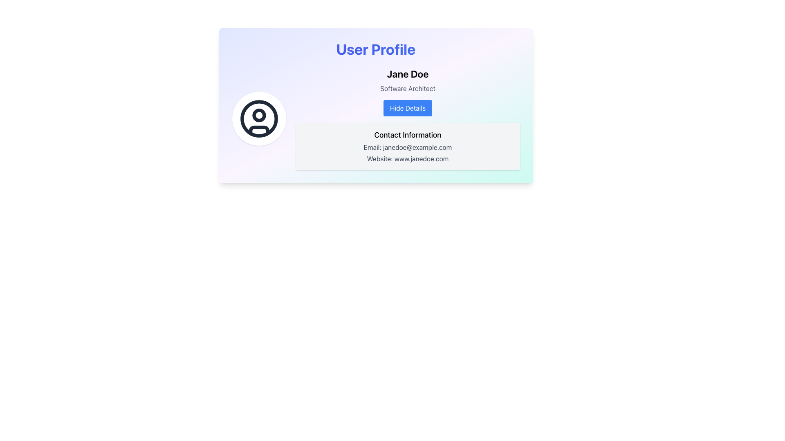  What do you see at coordinates (258, 115) in the screenshot?
I see `the filled circle located at the center of the outlined circular frame within the user profile icon` at bounding box center [258, 115].